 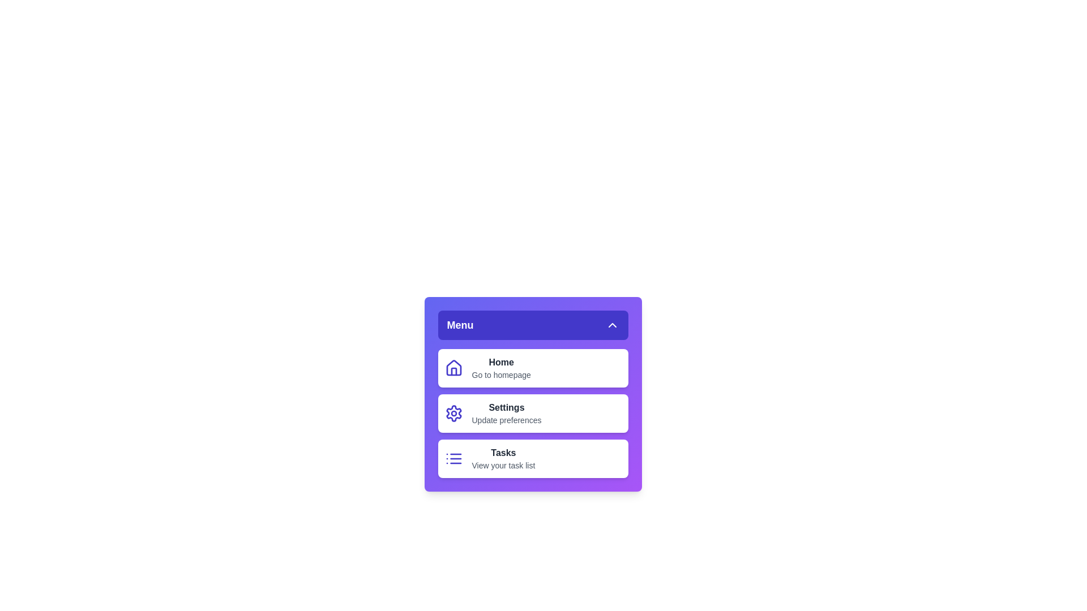 I want to click on the Settings icon to inspect its visual feedback, so click(x=453, y=414).